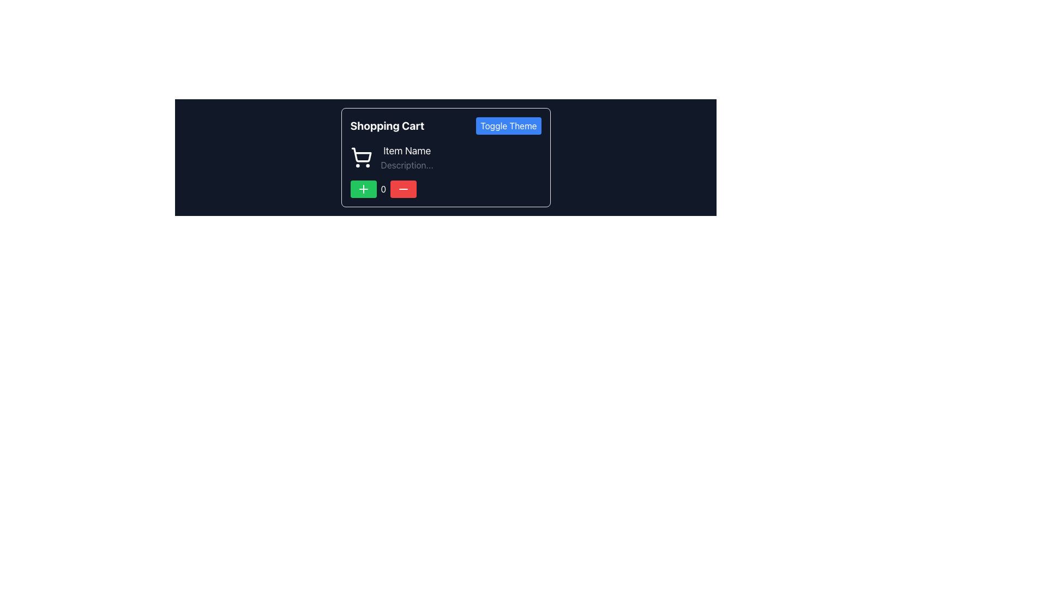 This screenshot has width=1047, height=589. What do you see at coordinates (406, 151) in the screenshot?
I see `the 'Item Name' text label which is displayed in a larger font style within the 'Shopping Cart' section, positioned above the descriptive text` at bounding box center [406, 151].